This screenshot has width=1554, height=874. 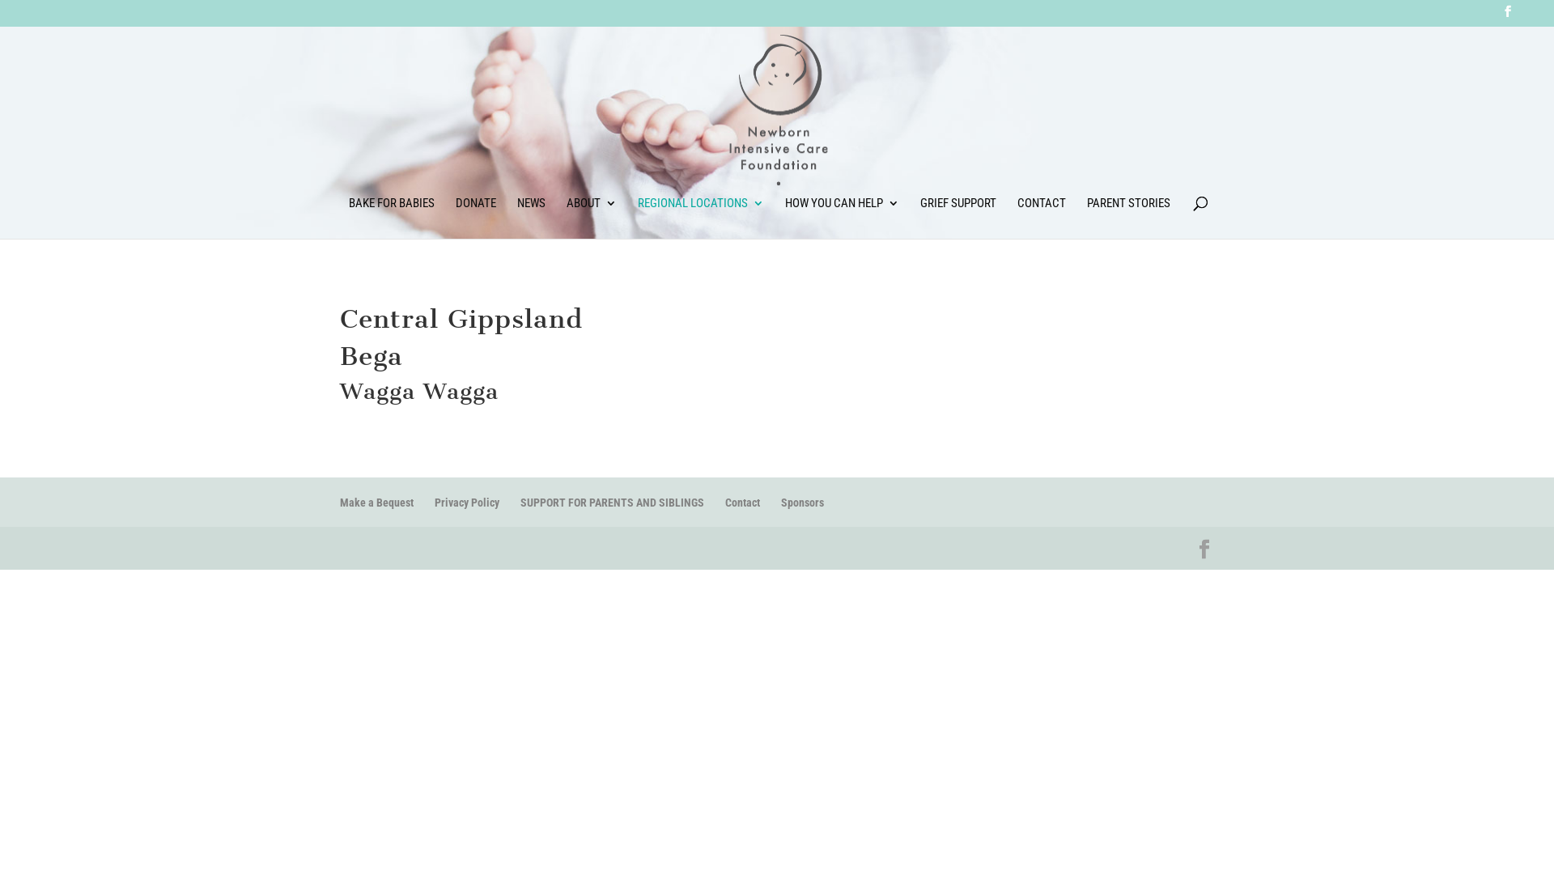 I want to click on 'NEWS', so click(x=516, y=217).